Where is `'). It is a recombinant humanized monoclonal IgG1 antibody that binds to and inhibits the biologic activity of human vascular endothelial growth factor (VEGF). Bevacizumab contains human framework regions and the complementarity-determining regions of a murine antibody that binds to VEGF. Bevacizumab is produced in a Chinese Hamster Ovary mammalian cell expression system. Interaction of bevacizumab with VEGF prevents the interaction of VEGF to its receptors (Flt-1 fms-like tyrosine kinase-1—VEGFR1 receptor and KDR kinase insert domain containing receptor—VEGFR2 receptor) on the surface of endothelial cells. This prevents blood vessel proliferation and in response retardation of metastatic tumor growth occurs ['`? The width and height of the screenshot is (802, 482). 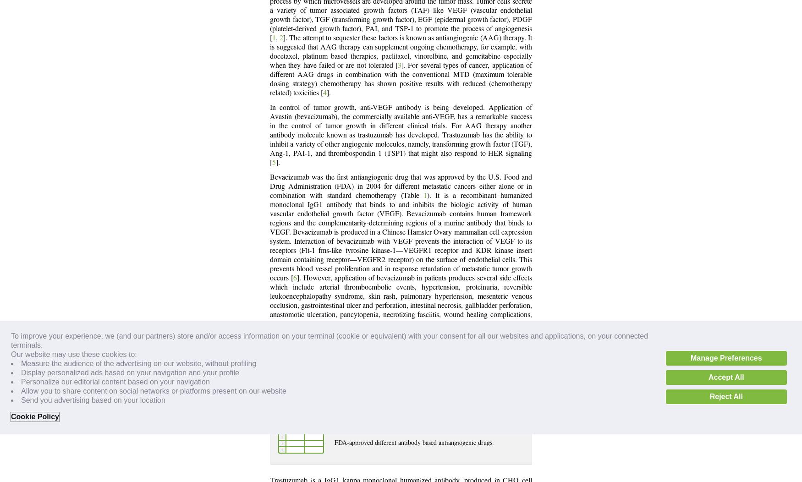 '). It is a recombinant humanized monoclonal IgG1 antibody that binds to and inhibits the biologic activity of human vascular endothelial growth factor (VEGF). Bevacizumab contains human framework regions and the complementarity-determining regions of a murine antibody that binds to VEGF. Bevacizumab is produced in a Chinese Hamster Ovary mammalian cell expression system. Interaction of bevacizumab with VEGF prevents the interaction of VEGF to its receptors (Flt-1 fms-like tyrosine kinase-1—VEGFR1 receptor and KDR kinase insert domain containing receptor—VEGFR2 receptor) on the surface of endothelial cells. This prevents blood vessel proliferation and in response retardation of metastatic tumor growth occurs [' is located at coordinates (401, 236).